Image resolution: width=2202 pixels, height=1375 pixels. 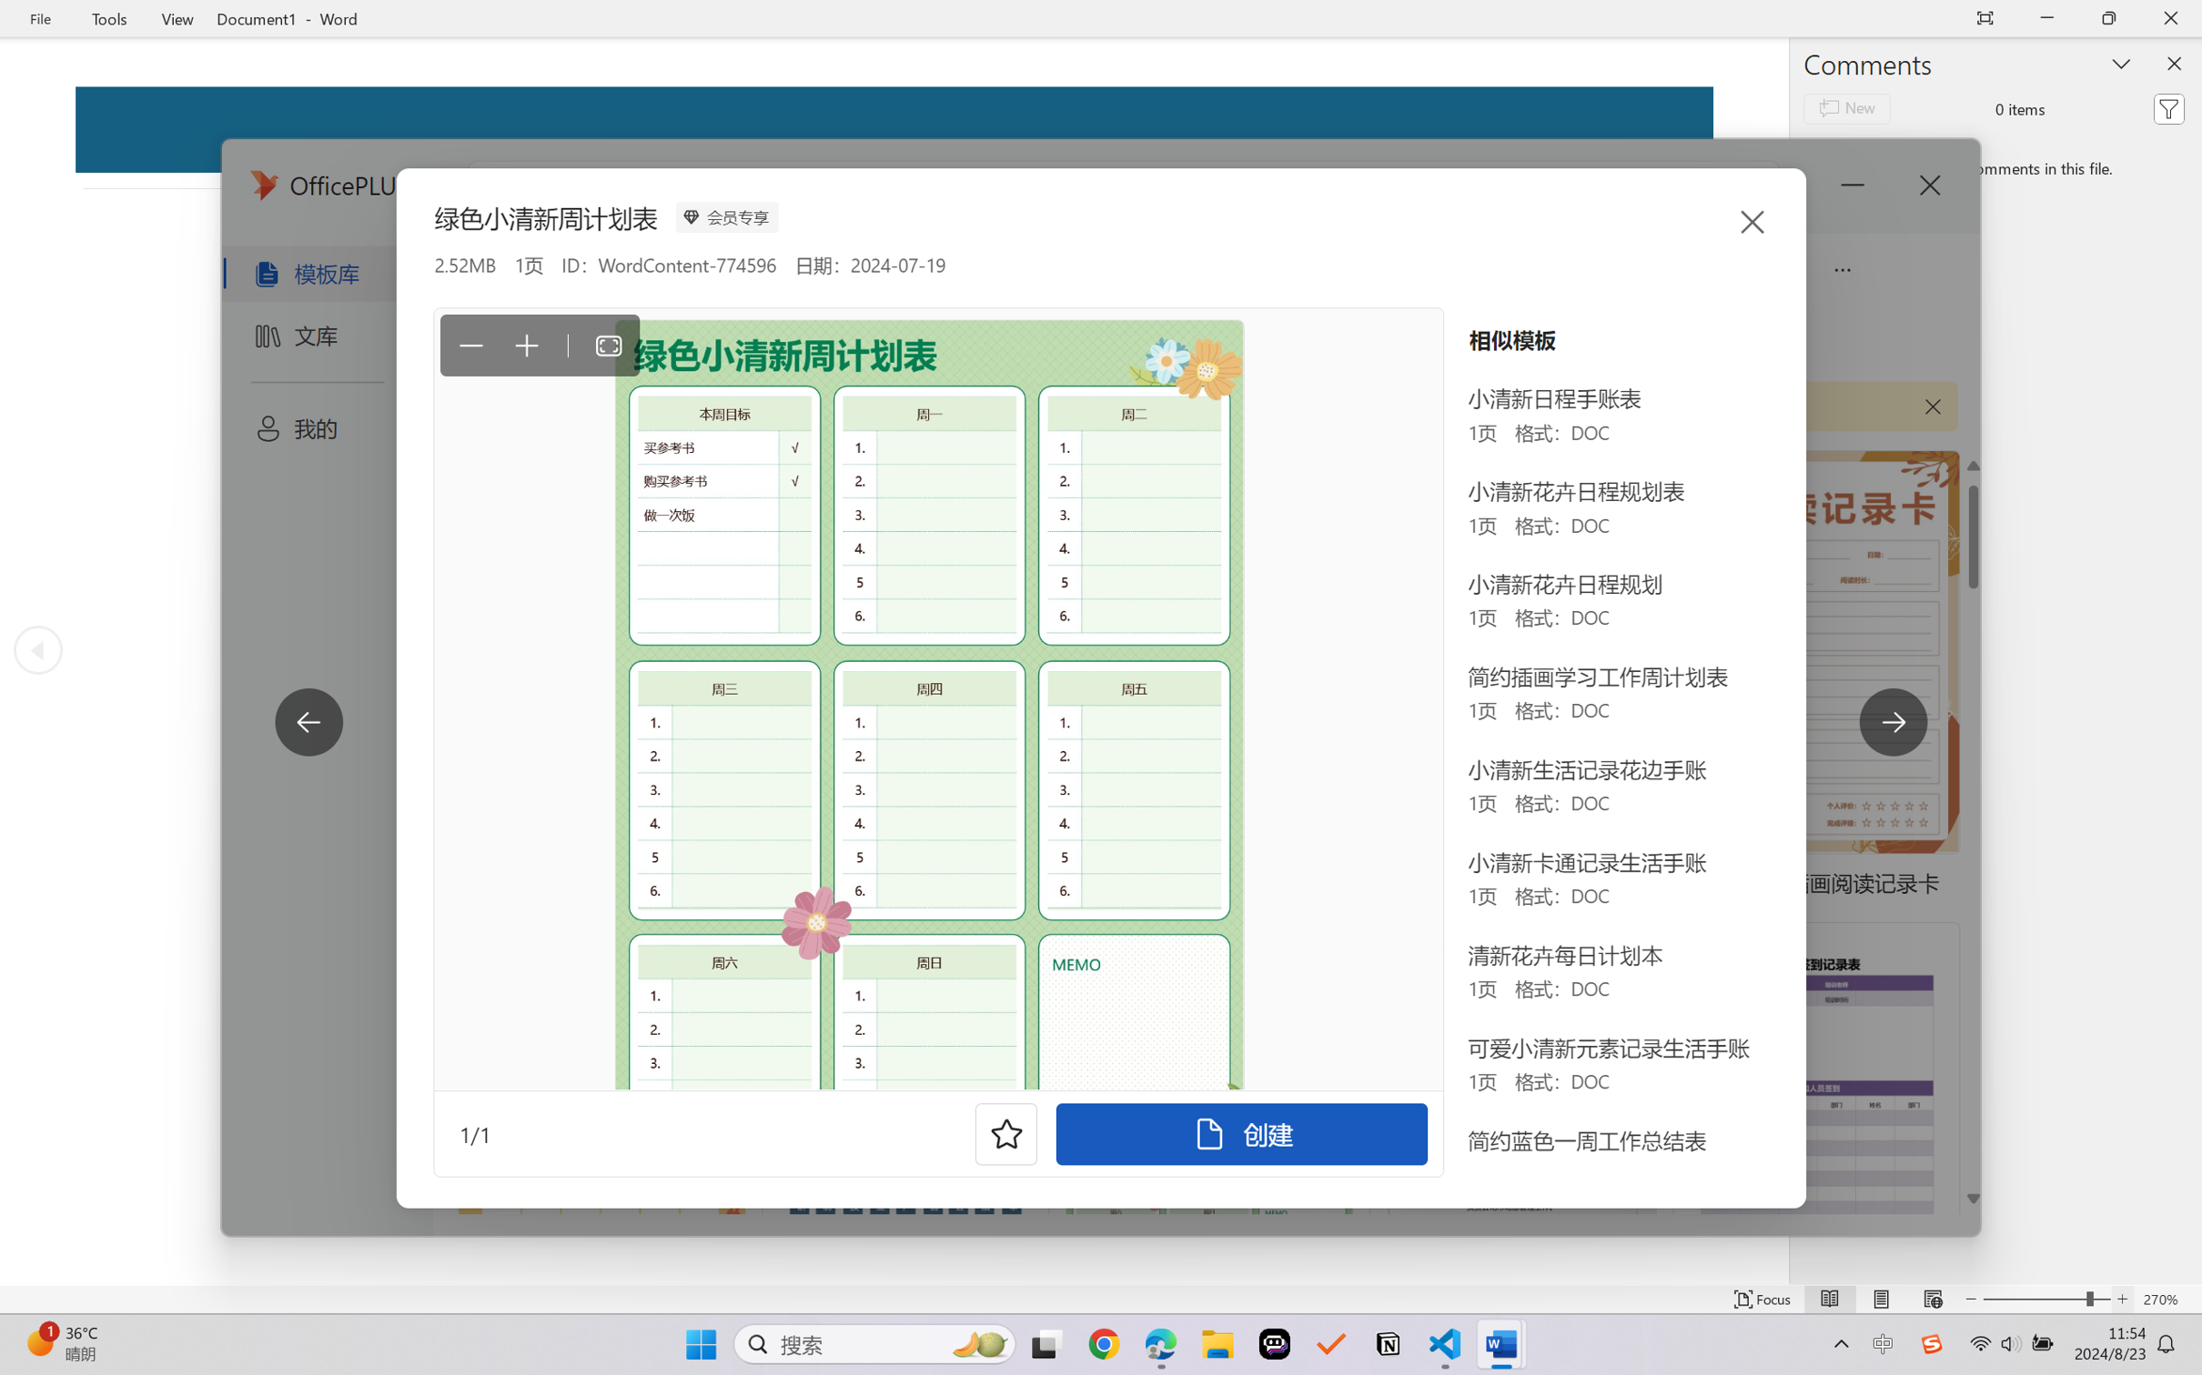 What do you see at coordinates (2046, 1299) in the screenshot?
I see `'Text Size'` at bounding box center [2046, 1299].